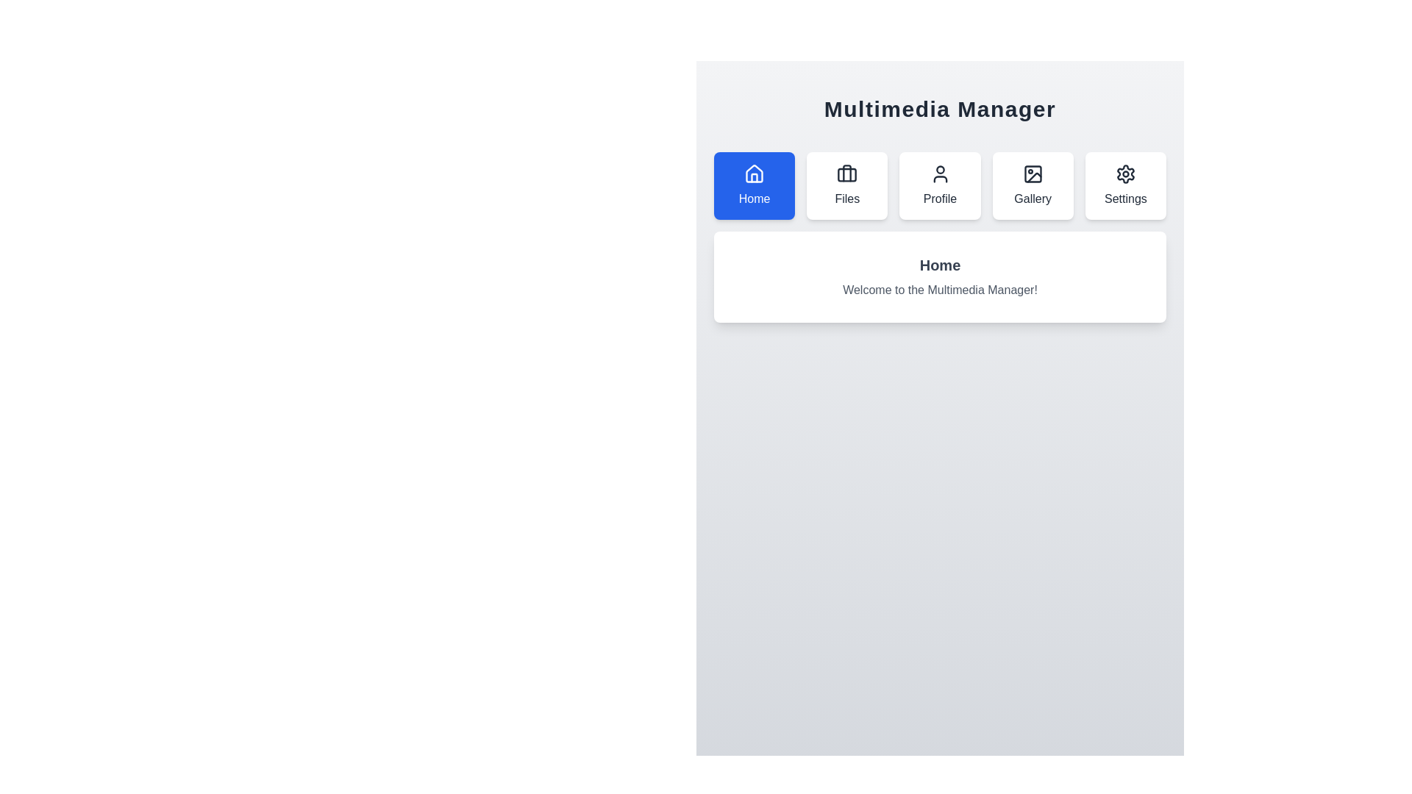 This screenshot has height=794, width=1412. Describe the element at coordinates (939, 178) in the screenshot. I see `the lower part of the user profile icon located in the 'Profile' option of the navigation bar` at that location.